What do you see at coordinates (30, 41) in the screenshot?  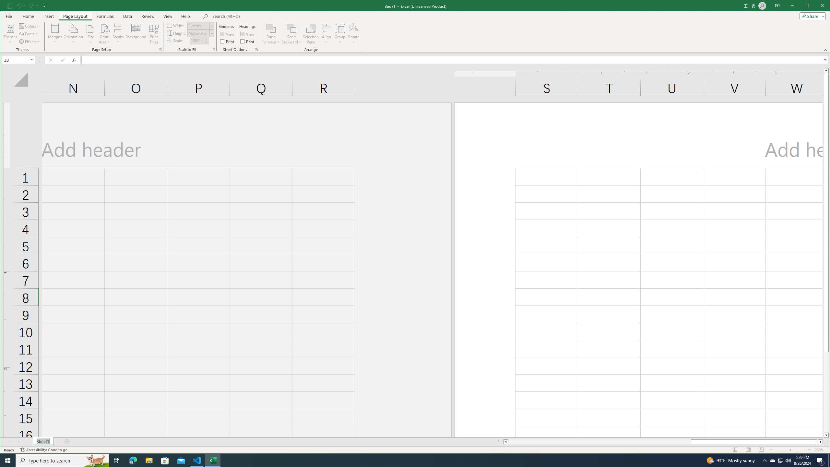 I see `'Effects'` at bounding box center [30, 41].